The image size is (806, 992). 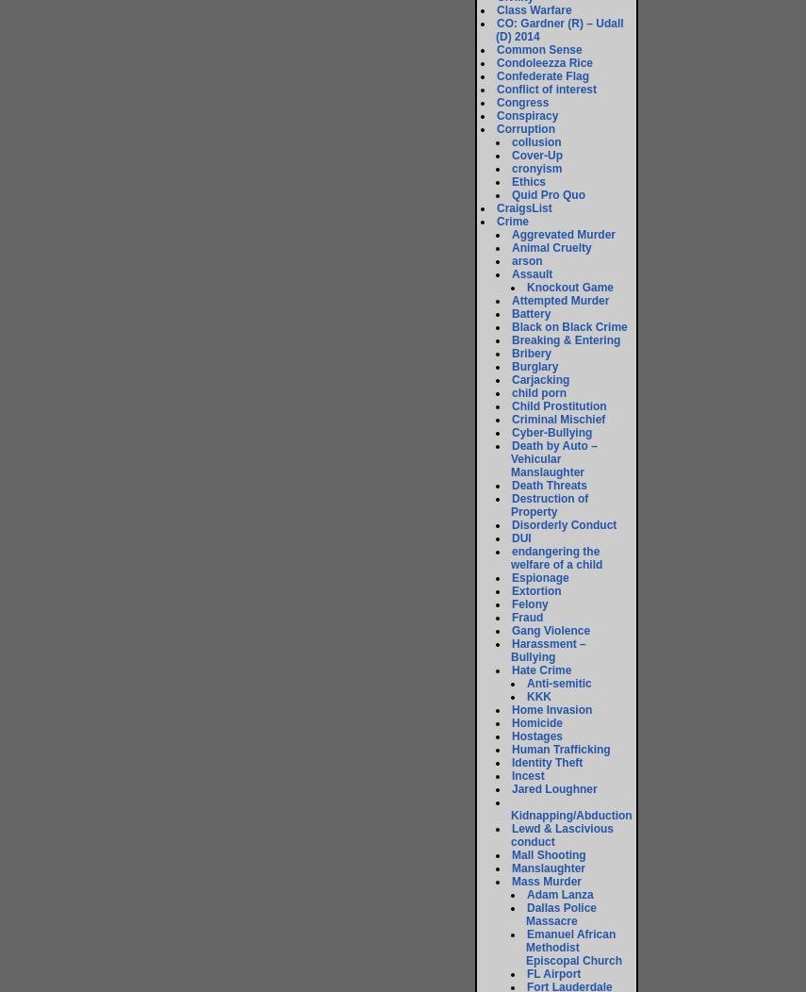 What do you see at coordinates (525, 947) in the screenshot?
I see `'Emanuel African Methodist Episcopal Church'` at bounding box center [525, 947].